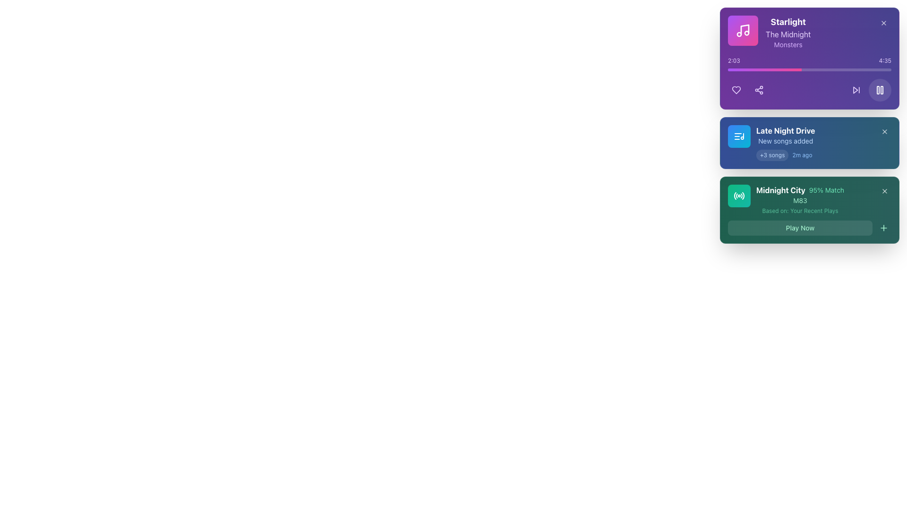 This screenshot has height=510, width=907. Describe the element at coordinates (800, 228) in the screenshot. I see `the 'Play Now' button, which is a rectangular button with rounded edges and emerald green text, to initiate playback` at that location.